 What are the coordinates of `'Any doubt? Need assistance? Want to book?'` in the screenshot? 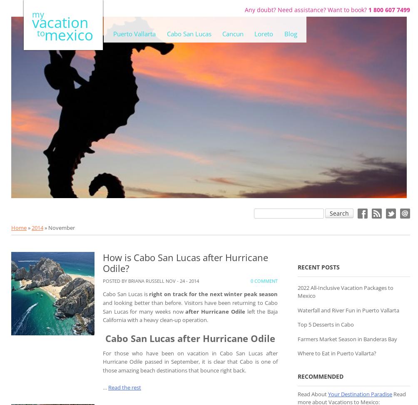 It's located at (306, 9).